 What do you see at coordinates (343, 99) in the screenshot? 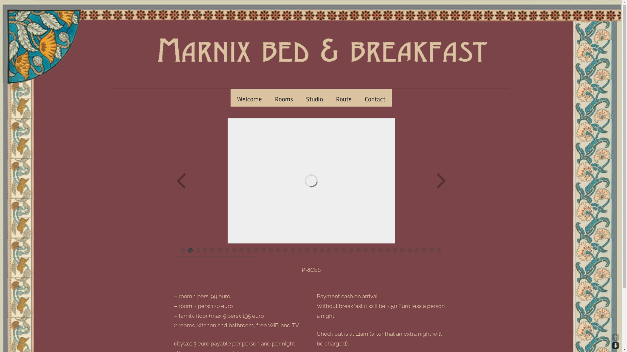
I see `'Route'` at bounding box center [343, 99].